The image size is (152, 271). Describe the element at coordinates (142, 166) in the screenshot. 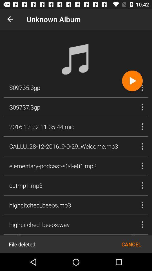

I see `fifth more button from top` at that location.